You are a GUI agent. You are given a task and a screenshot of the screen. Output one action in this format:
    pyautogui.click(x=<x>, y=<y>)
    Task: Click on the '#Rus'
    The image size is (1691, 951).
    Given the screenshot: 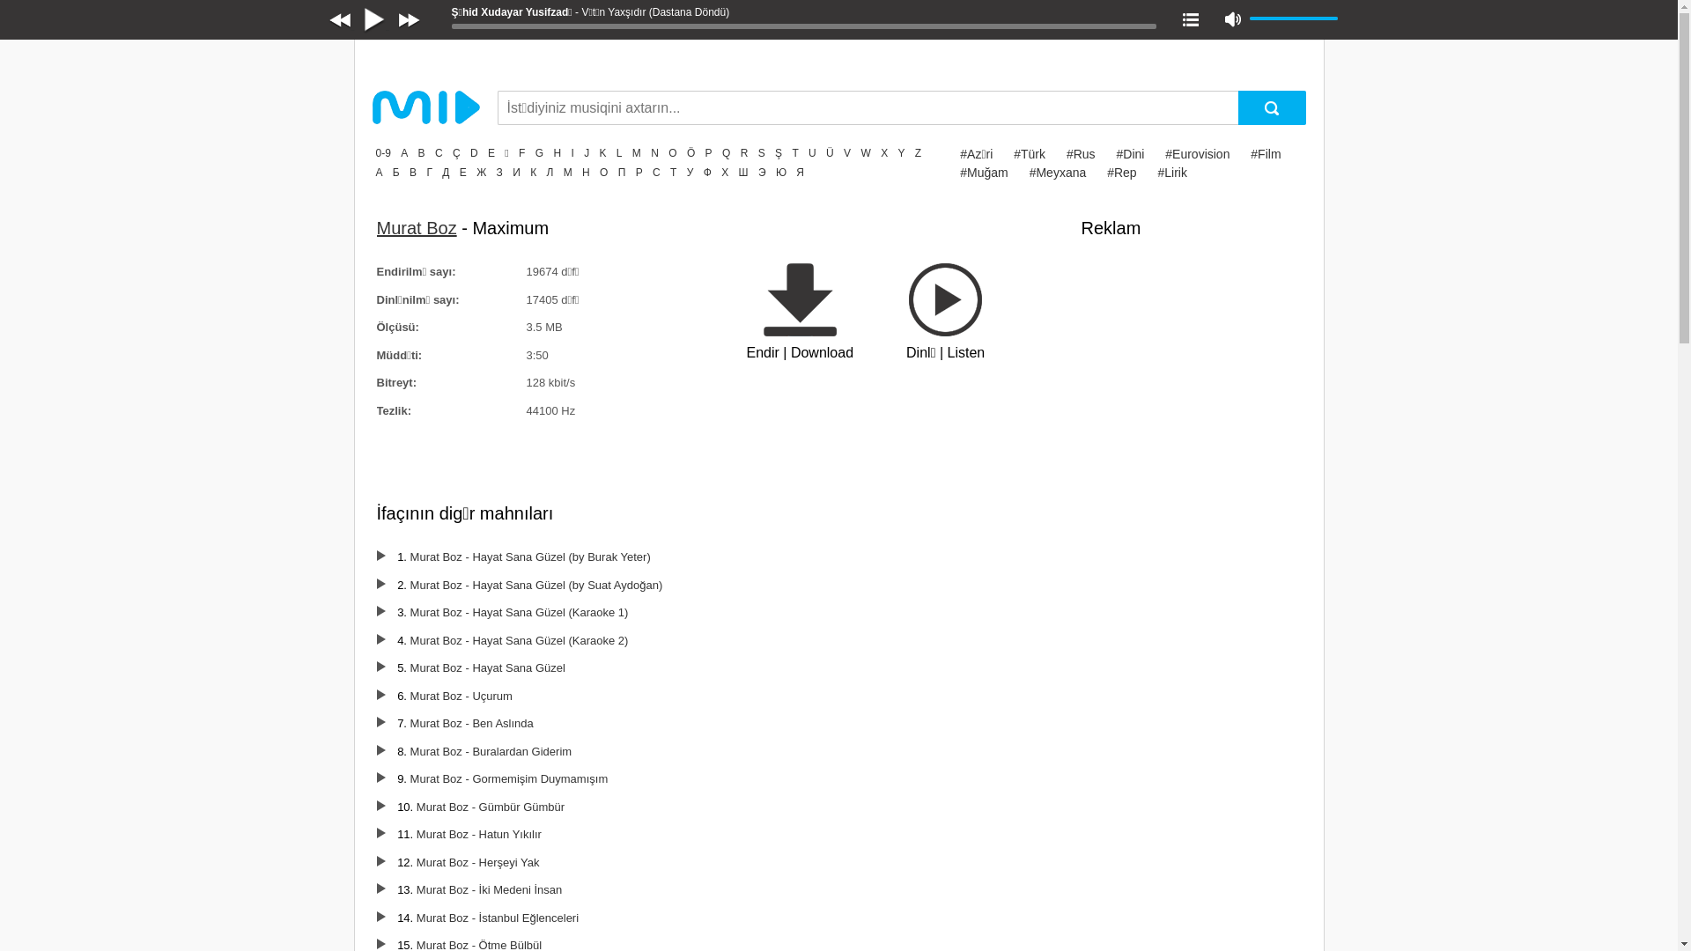 What is the action you would take?
    pyautogui.click(x=1065, y=152)
    